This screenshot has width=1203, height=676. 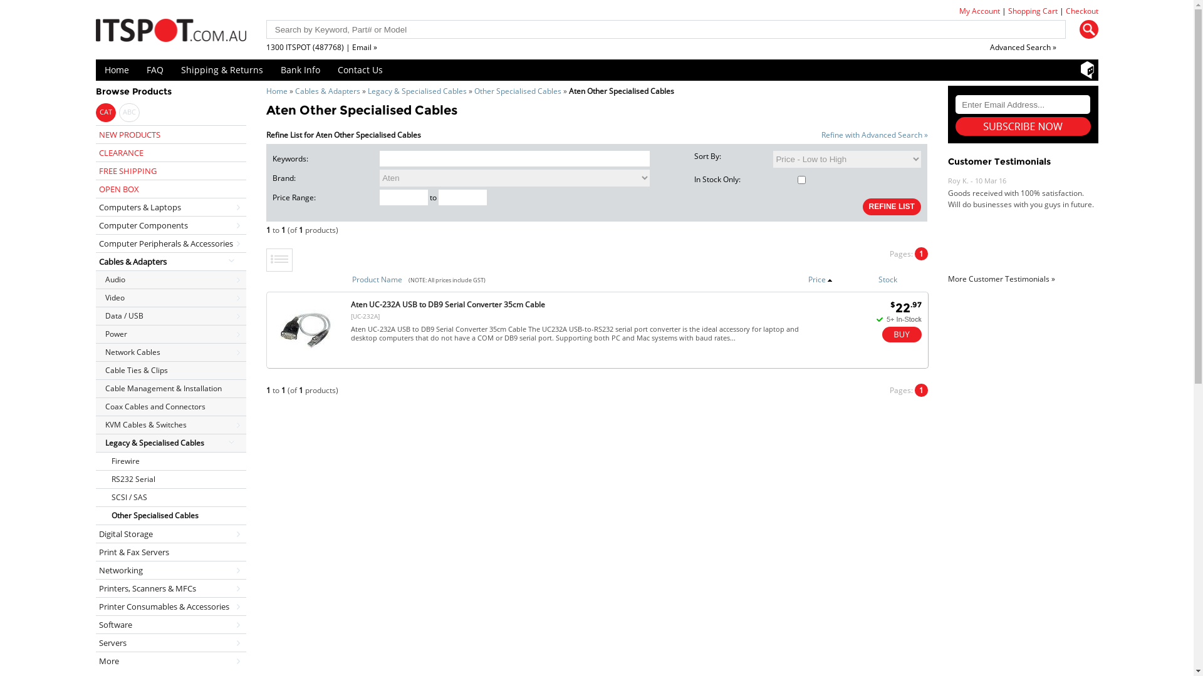 I want to click on 'CLEARANCE', so click(x=170, y=151).